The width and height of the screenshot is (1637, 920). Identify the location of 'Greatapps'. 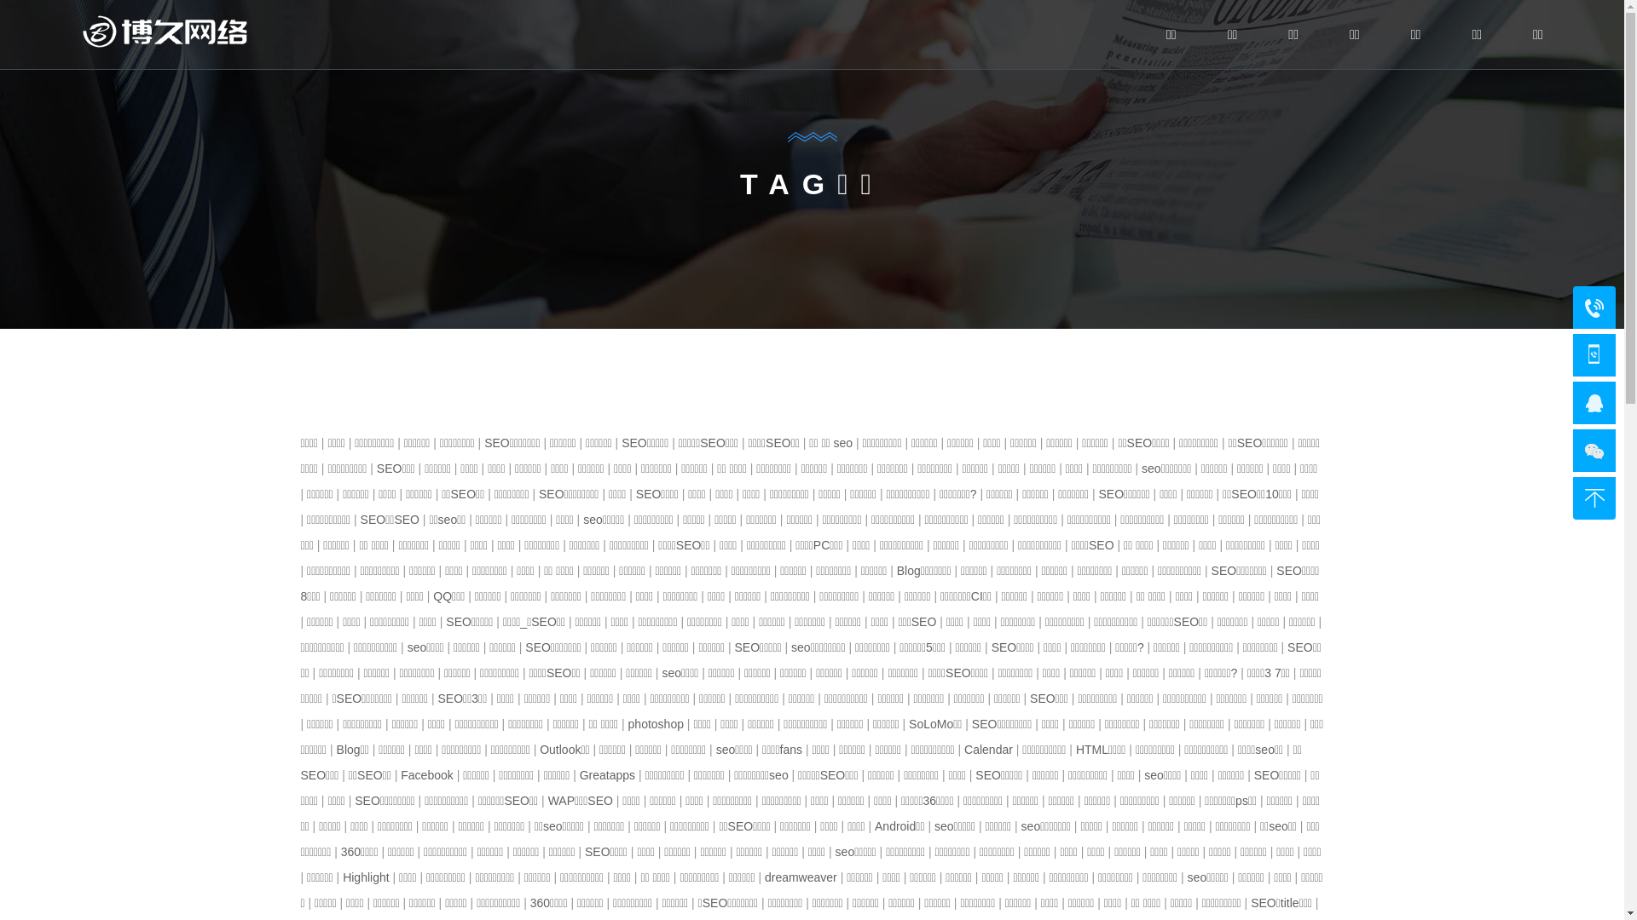
(580, 775).